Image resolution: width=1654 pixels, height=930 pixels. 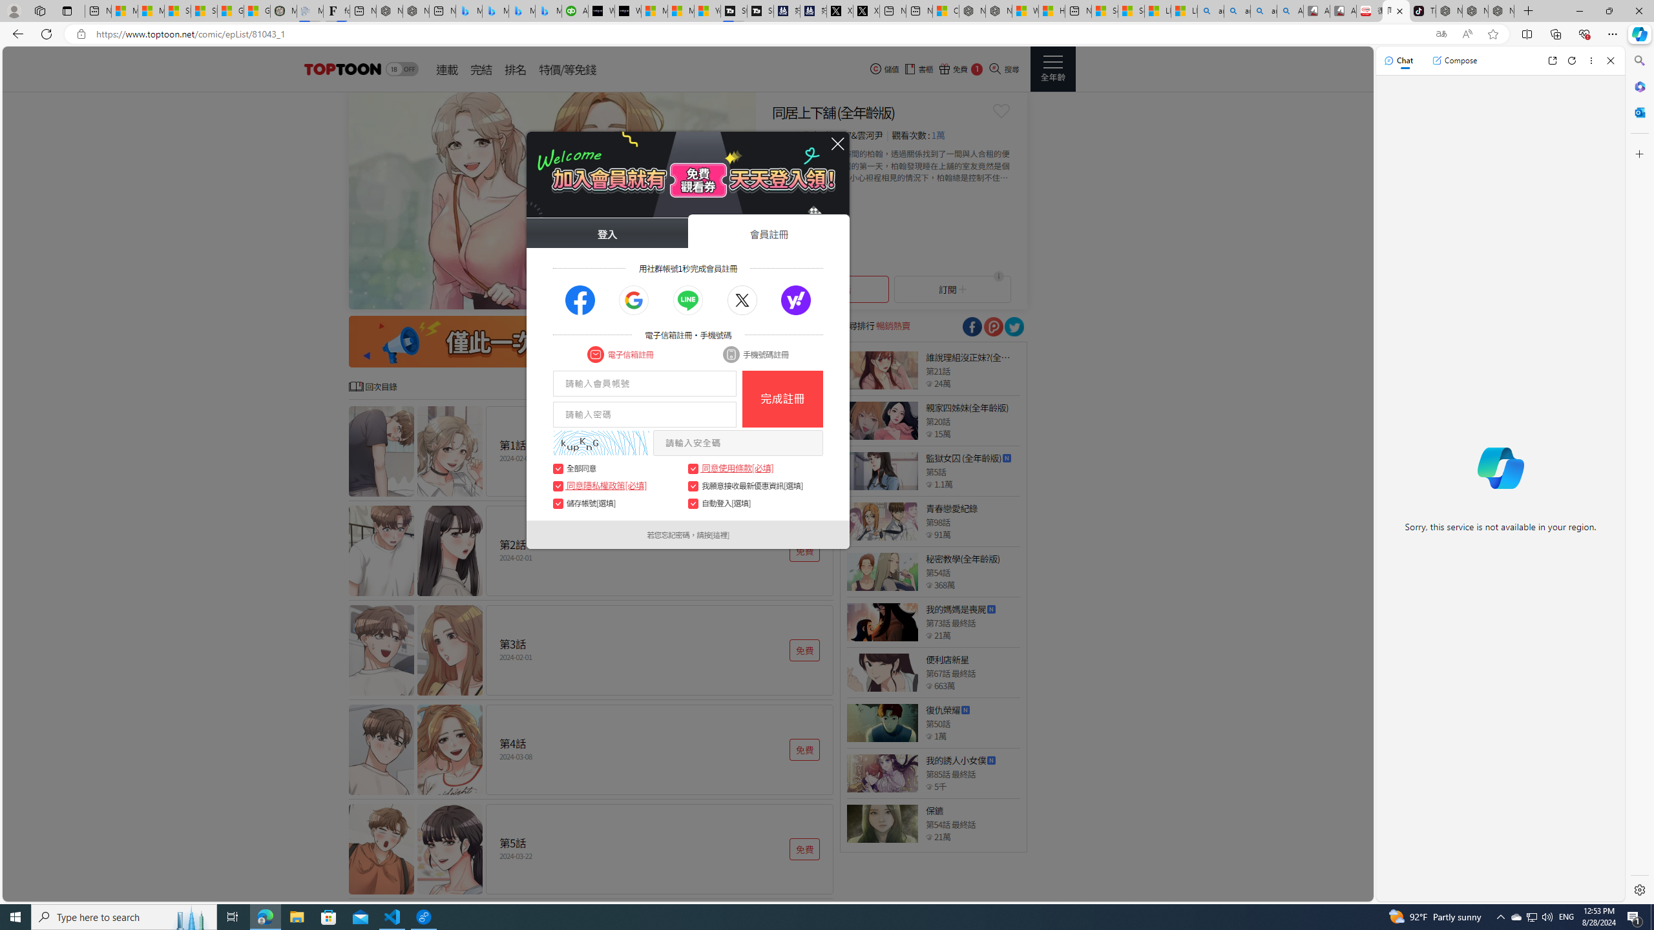 I want to click on 'Split screen', so click(x=1527, y=33).